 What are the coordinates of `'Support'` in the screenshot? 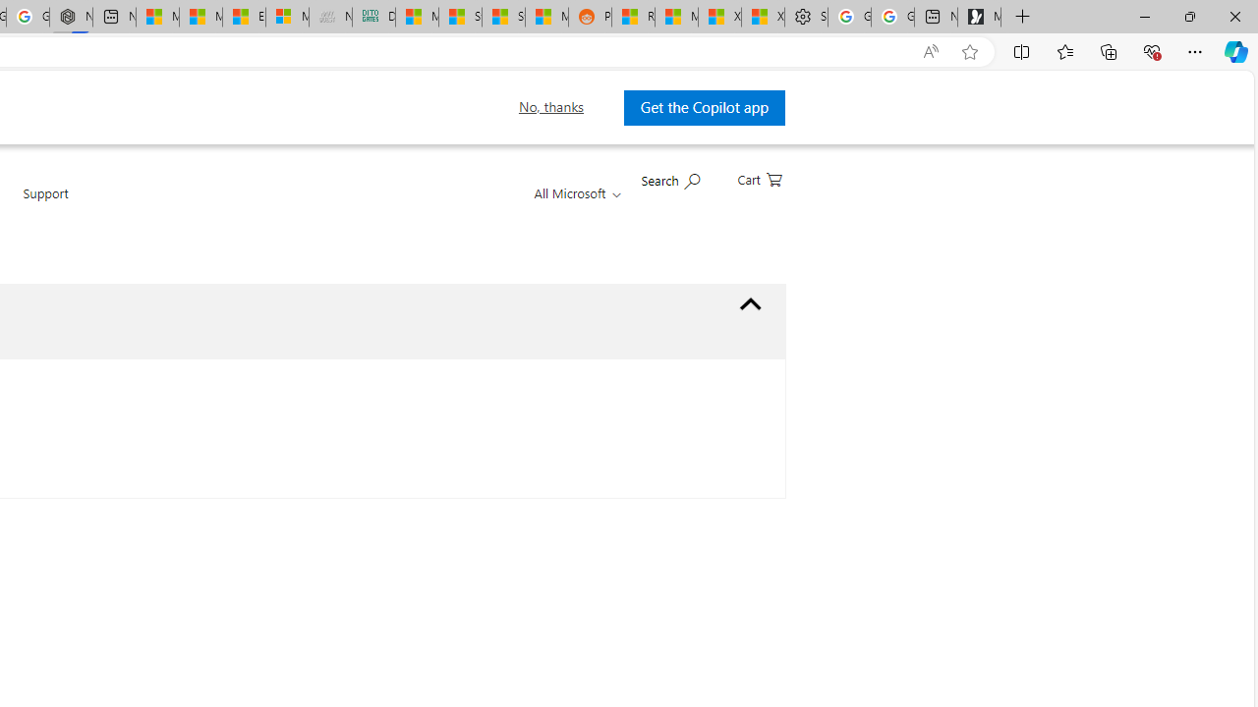 It's located at (45, 204).